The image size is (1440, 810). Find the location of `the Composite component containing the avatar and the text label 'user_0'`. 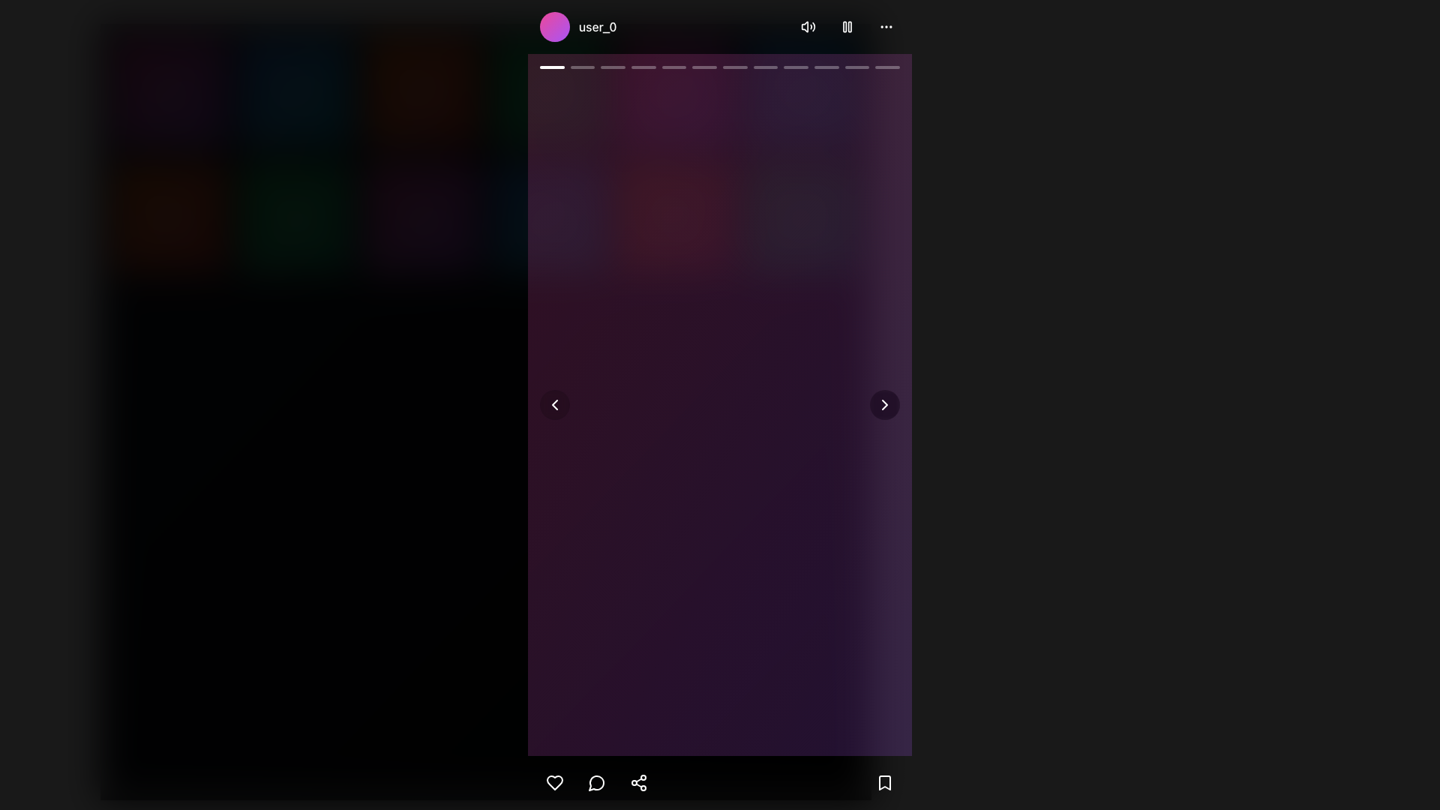

the Composite component containing the avatar and the text label 'user_0' is located at coordinates (577, 26).